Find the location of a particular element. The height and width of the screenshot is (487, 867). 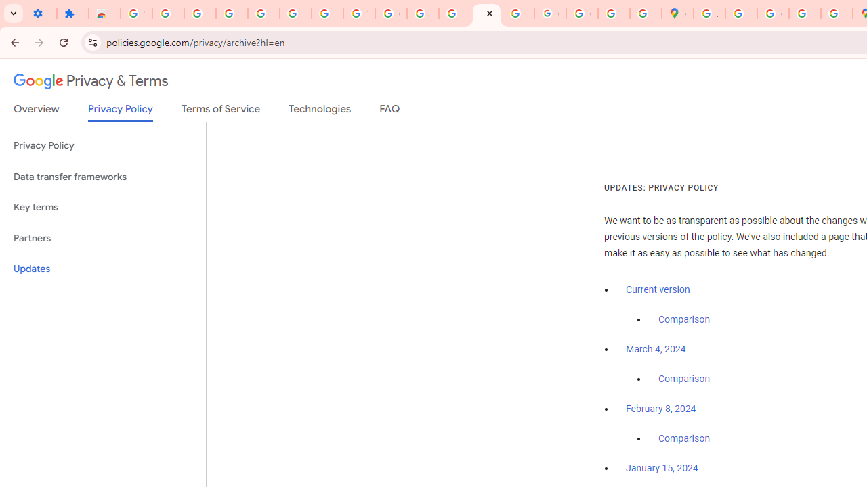

'Reviews: Helix Fruit Jump Arcade Game' is located at coordinates (104, 14).